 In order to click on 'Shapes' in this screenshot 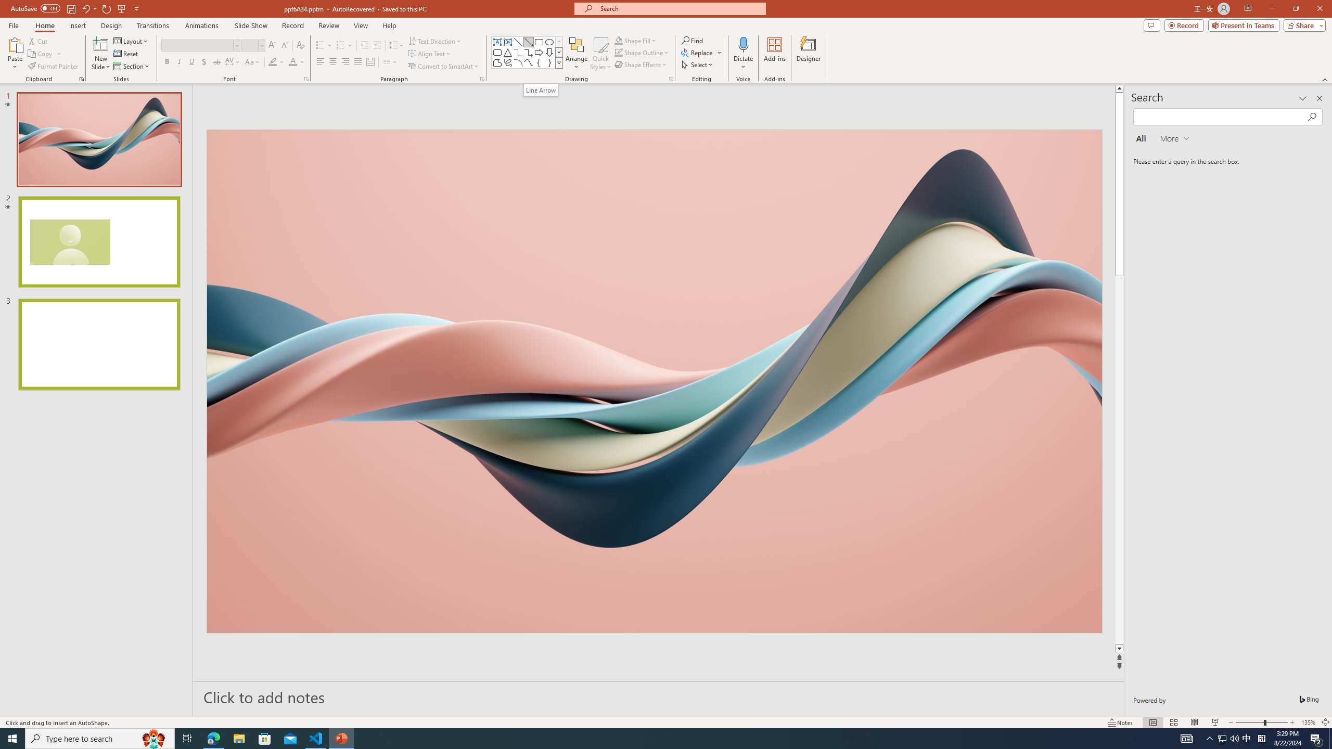, I will do `click(559, 62)`.